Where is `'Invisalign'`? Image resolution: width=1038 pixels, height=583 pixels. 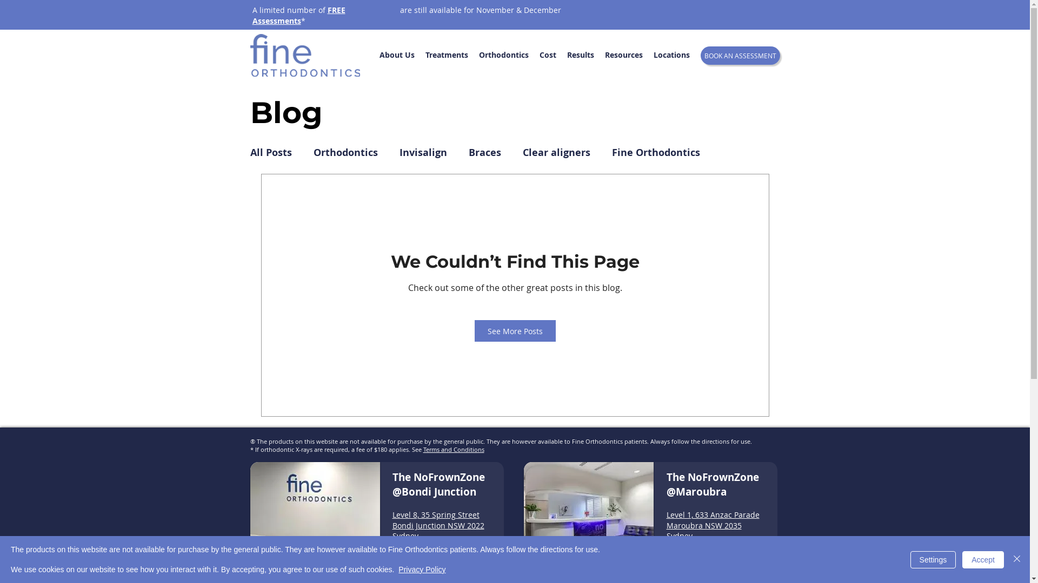
'Invisalign' is located at coordinates (398, 152).